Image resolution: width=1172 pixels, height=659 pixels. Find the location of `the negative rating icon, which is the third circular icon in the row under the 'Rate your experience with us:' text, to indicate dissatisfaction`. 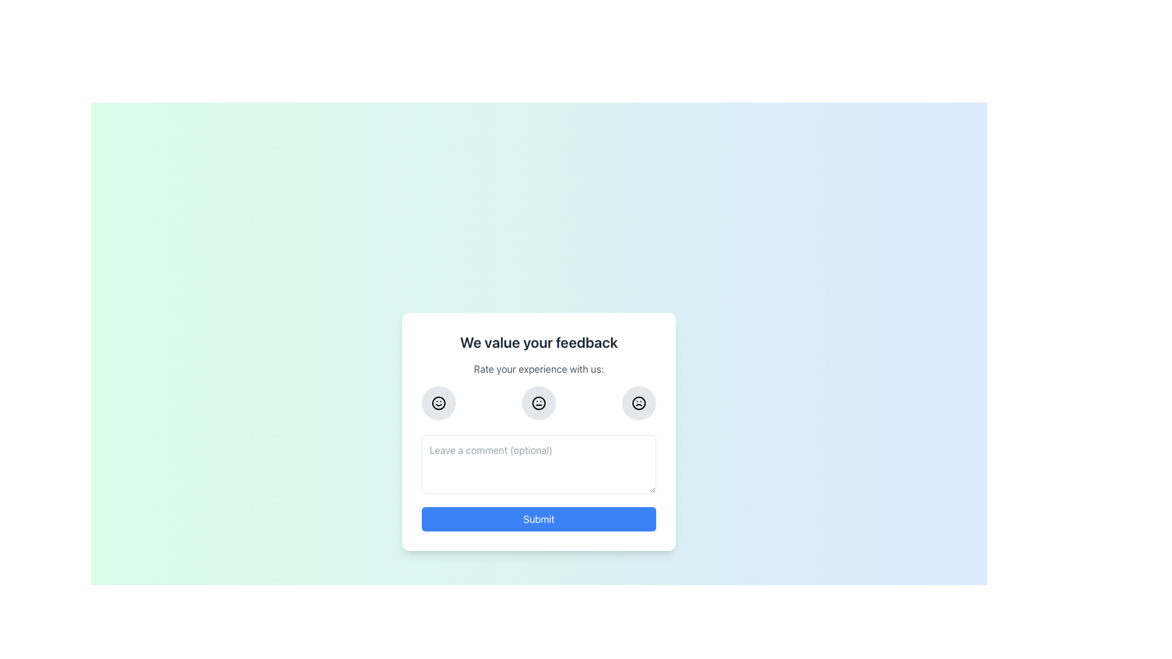

the negative rating icon, which is the third circular icon in the row under the 'Rate your experience with us:' text, to indicate dissatisfaction is located at coordinates (638, 403).